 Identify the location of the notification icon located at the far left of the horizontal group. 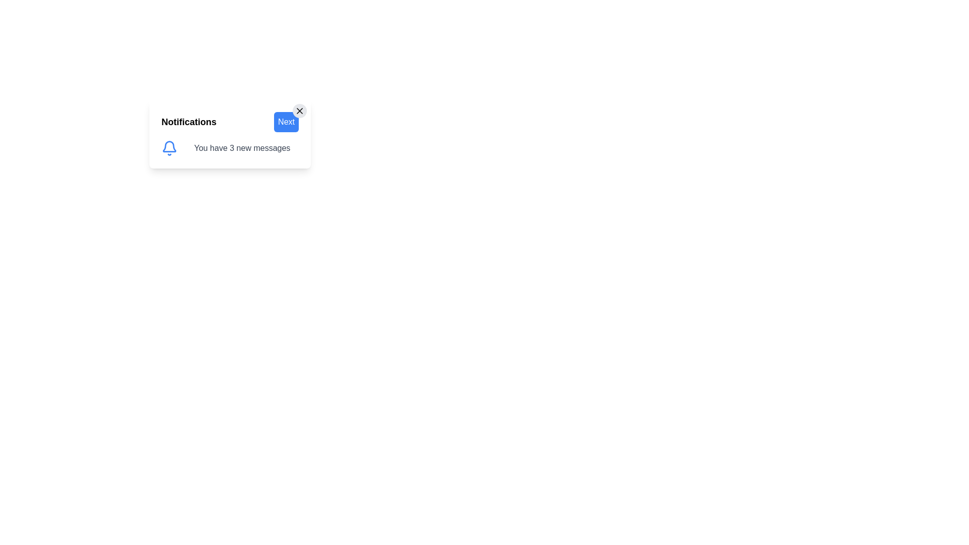
(170, 148).